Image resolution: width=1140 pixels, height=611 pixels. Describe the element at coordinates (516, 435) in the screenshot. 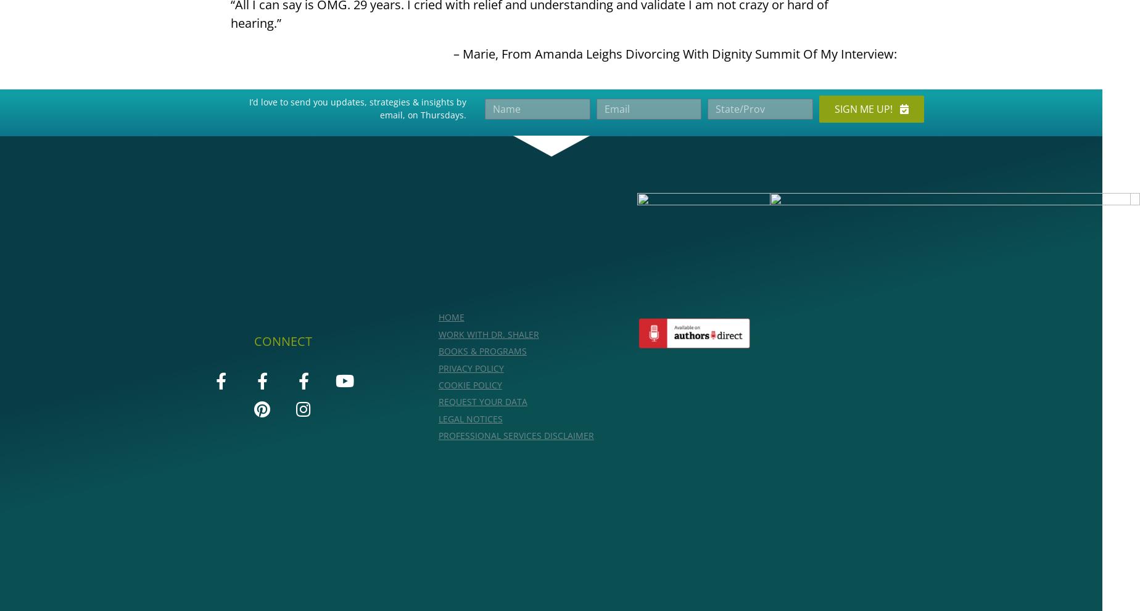

I see `'Professional Services Disclaimer'` at that location.